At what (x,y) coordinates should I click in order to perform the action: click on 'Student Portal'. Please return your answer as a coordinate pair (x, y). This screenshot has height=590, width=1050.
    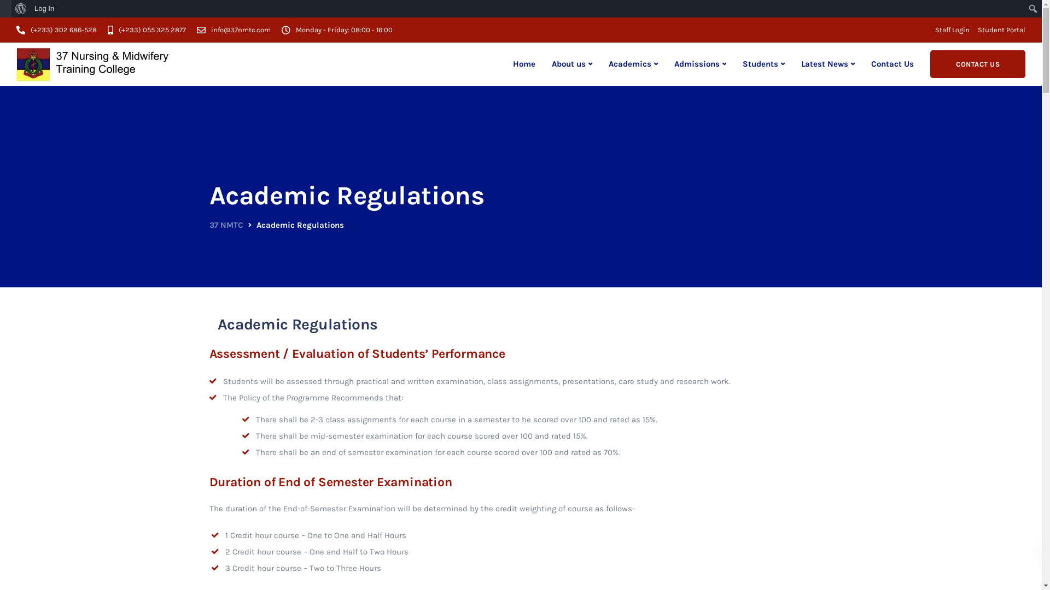
    Looking at the image, I should click on (1001, 29).